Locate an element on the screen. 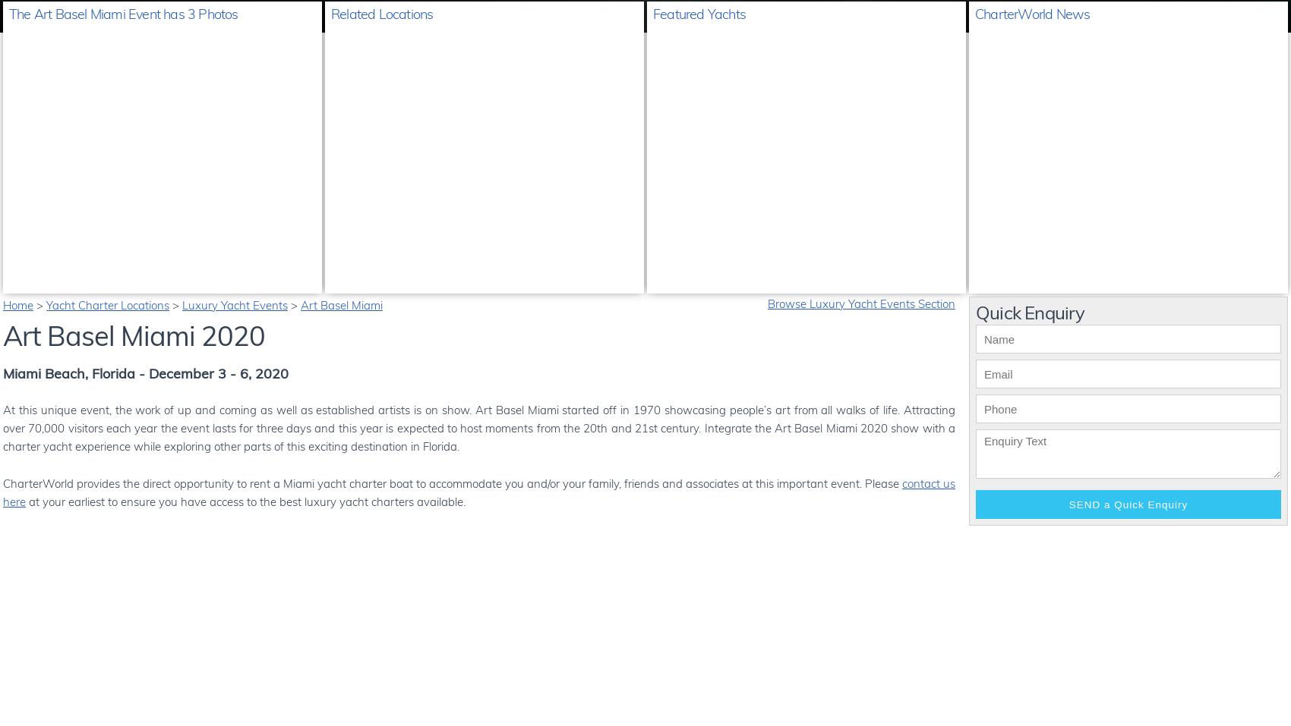 This screenshot has height=726, width=1291. 'Every Feadship yacht tells its own unique story ...' is located at coordinates (1100, 279).